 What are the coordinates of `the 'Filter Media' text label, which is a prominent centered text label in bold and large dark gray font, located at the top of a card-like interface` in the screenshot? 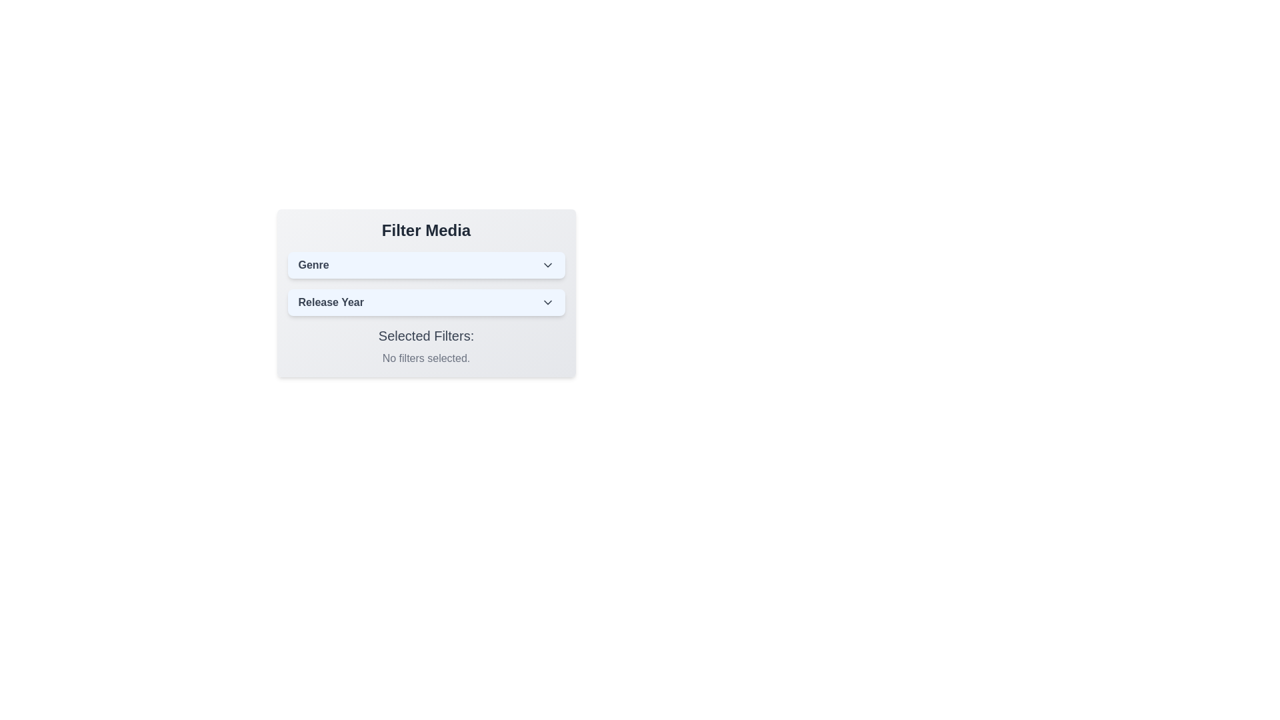 It's located at (425, 230).